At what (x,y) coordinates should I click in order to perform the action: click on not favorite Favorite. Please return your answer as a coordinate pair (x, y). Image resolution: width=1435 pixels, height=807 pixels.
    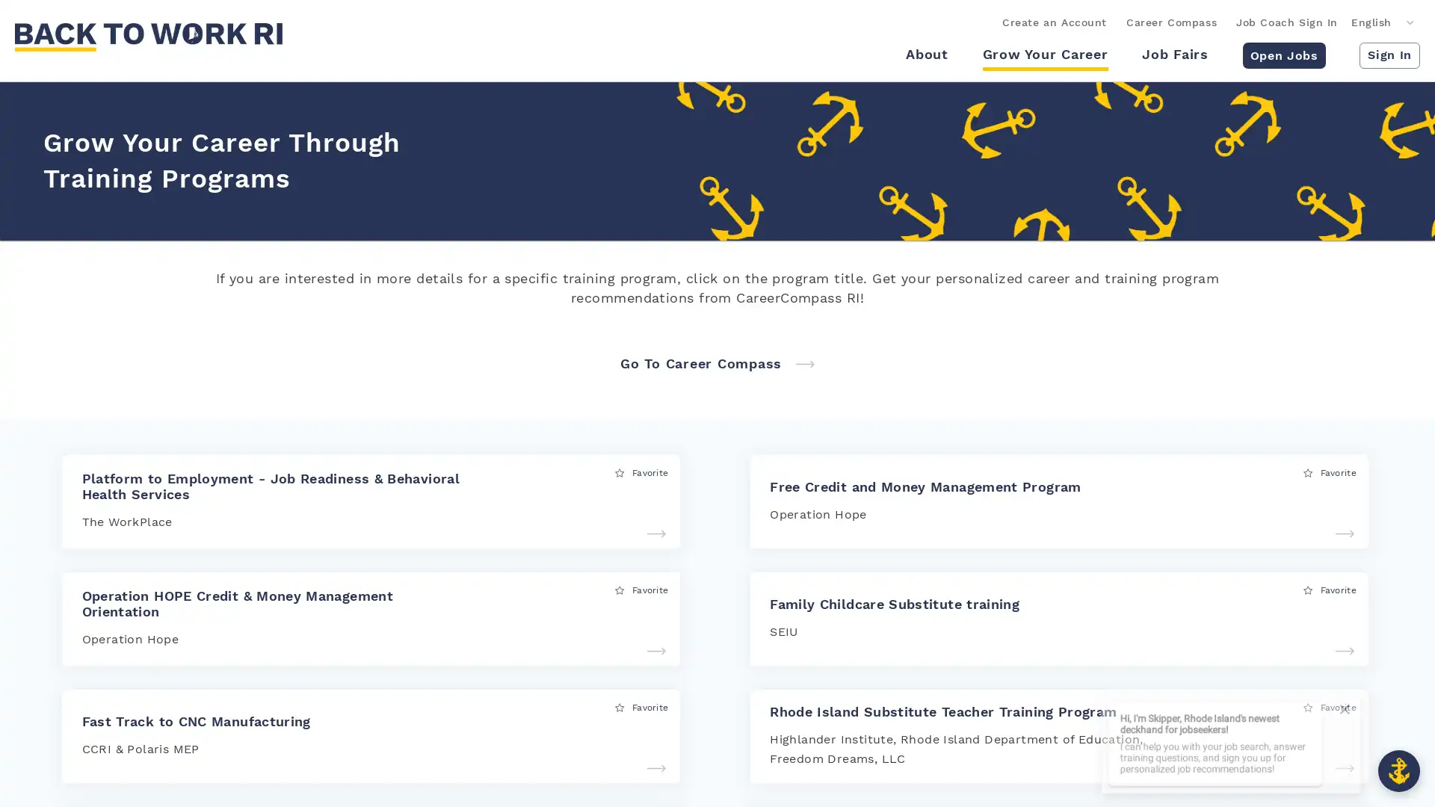
    Looking at the image, I should click on (1330, 472).